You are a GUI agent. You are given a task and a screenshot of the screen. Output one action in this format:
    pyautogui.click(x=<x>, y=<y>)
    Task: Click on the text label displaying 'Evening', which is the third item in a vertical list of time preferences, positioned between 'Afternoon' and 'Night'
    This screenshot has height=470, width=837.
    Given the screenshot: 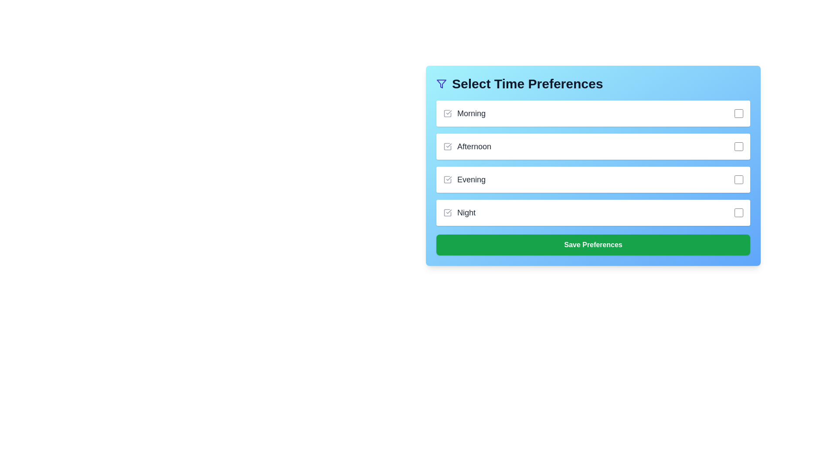 What is the action you would take?
    pyautogui.click(x=464, y=179)
    